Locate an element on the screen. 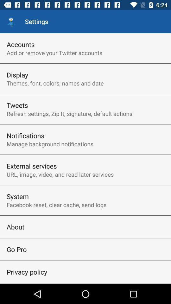 This screenshot has width=171, height=304. the icon above the display item is located at coordinates (54, 52).